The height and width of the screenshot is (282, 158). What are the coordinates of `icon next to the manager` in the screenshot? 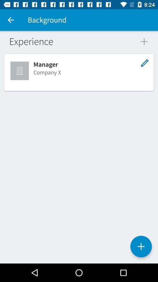 It's located at (20, 70).